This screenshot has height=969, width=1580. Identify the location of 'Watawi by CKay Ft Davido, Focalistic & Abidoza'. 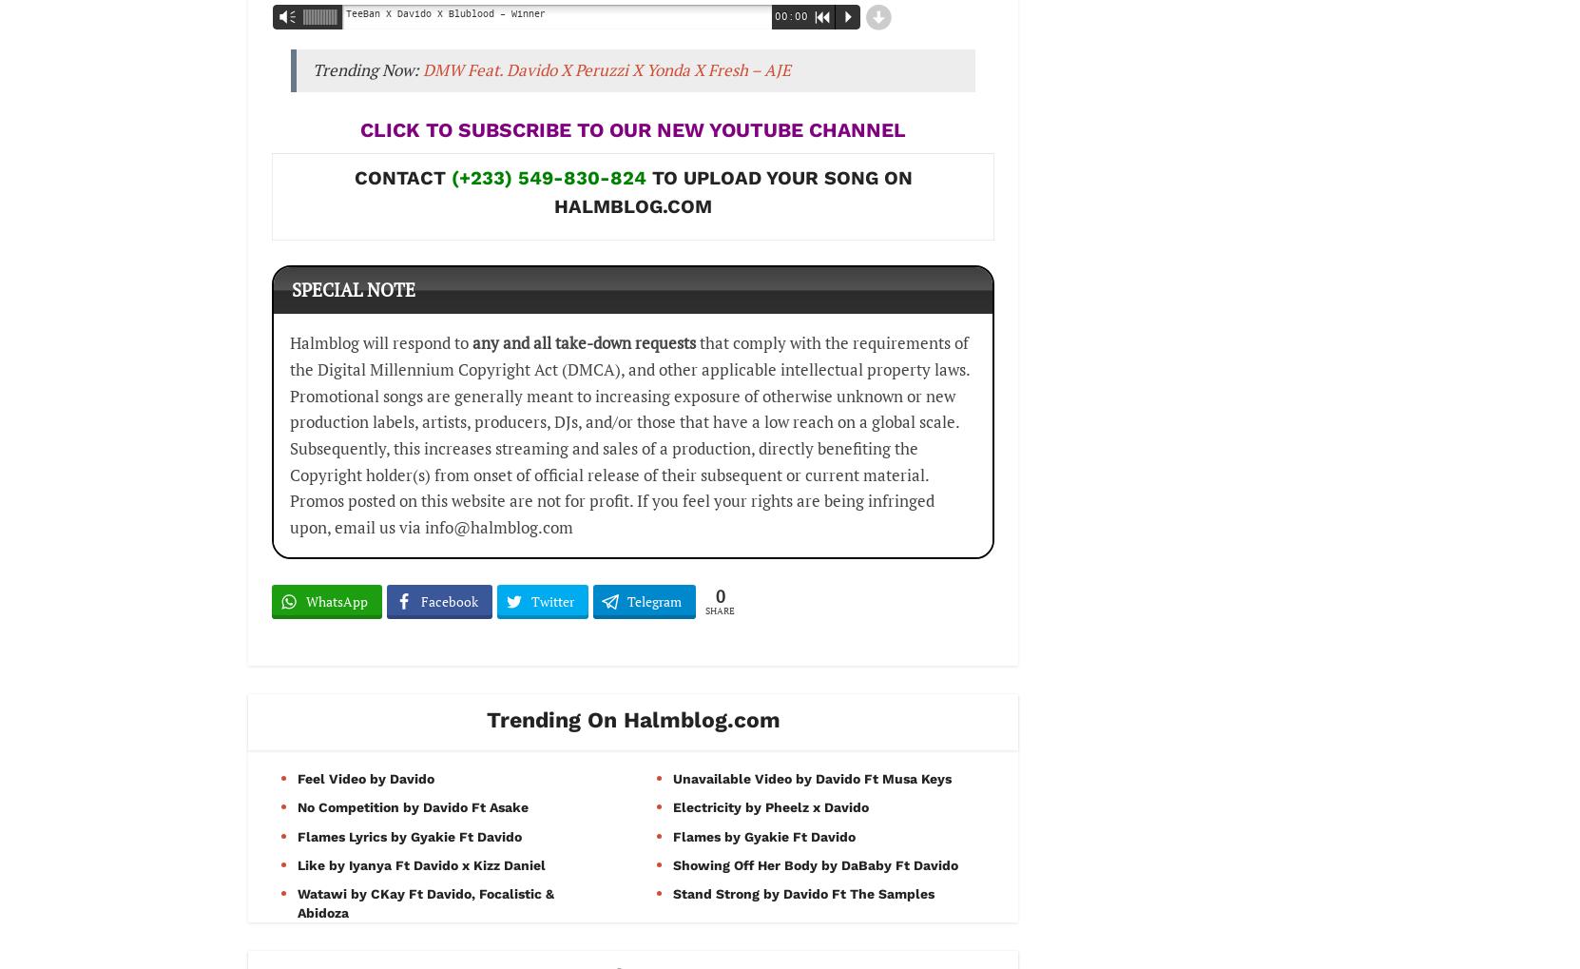
(297, 901).